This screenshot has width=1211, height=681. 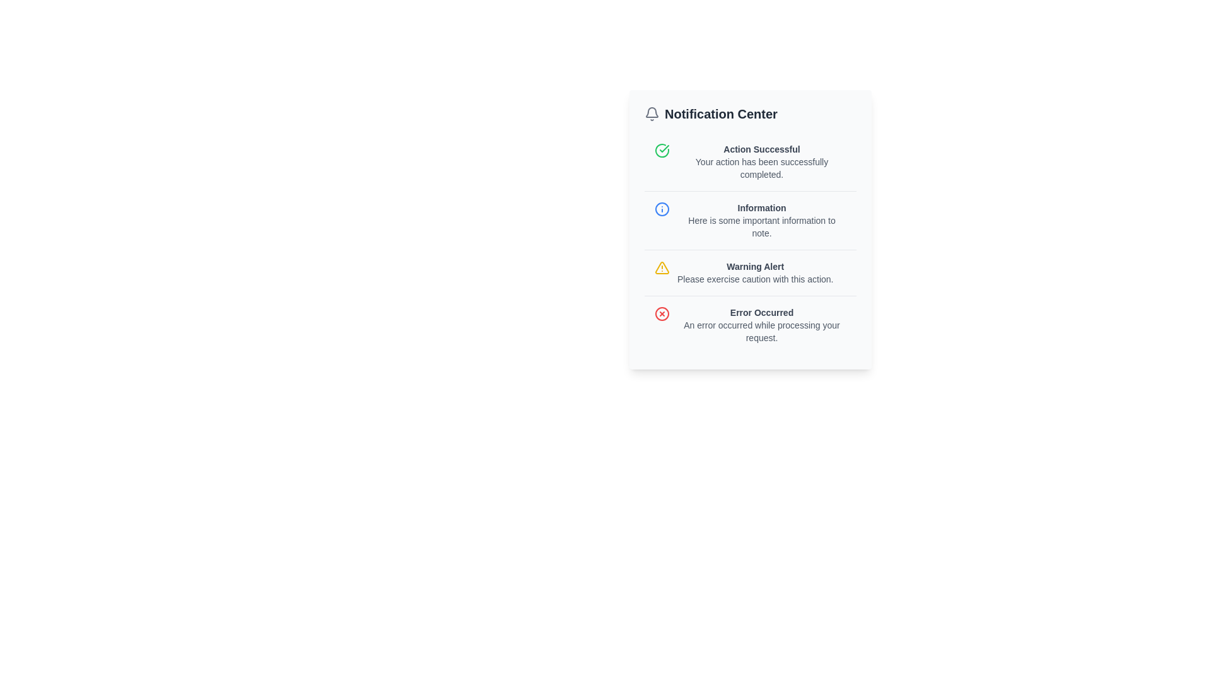 What do you see at coordinates (761, 330) in the screenshot?
I see `the light gray text label displaying the error message 'An error occurred while processing your request.' located below the bolded title 'Error Occurred'` at bounding box center [761, 330].